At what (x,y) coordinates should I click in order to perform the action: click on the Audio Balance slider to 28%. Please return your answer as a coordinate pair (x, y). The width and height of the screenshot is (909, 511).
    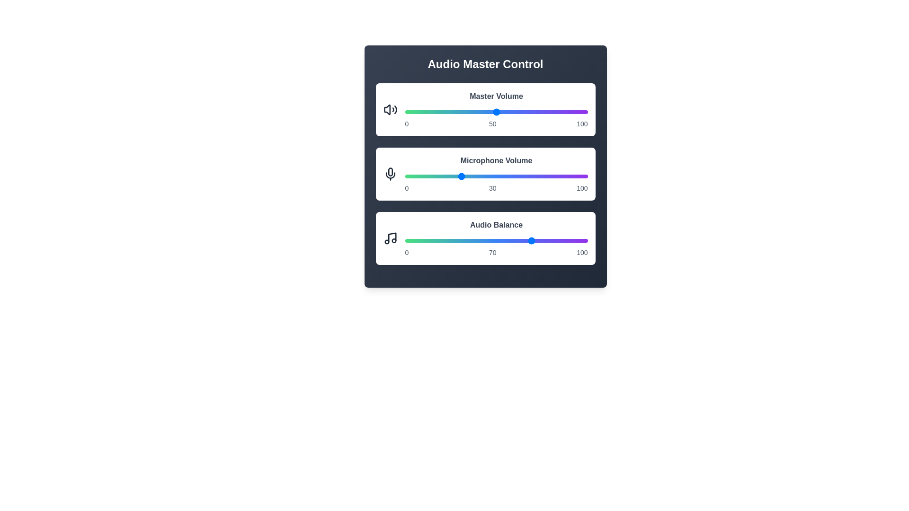
    Looking at the image, I should click on (456, 240).